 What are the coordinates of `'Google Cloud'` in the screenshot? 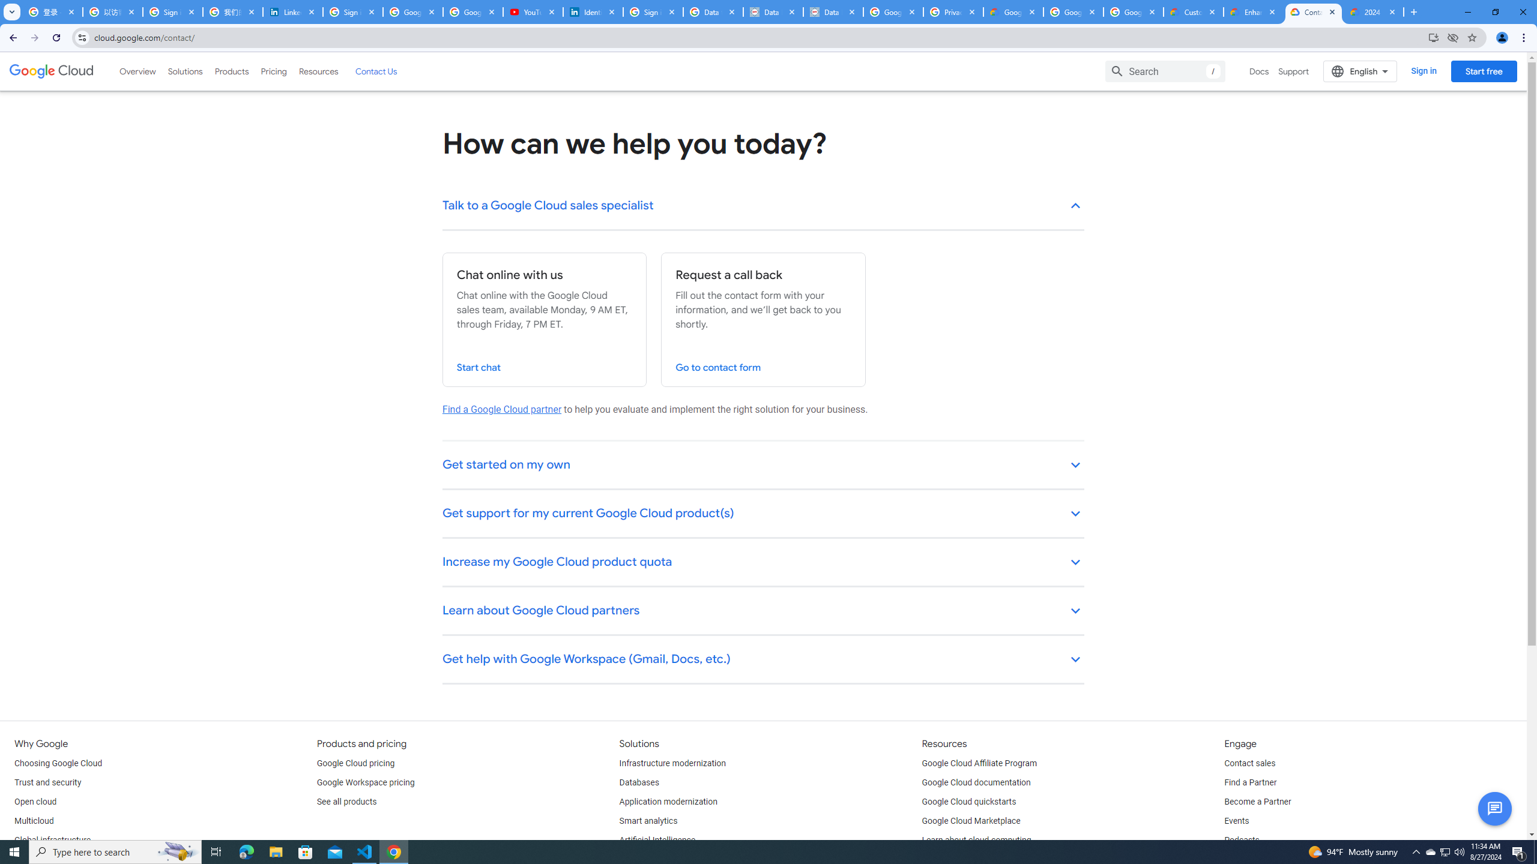 It's located at (51, 71).